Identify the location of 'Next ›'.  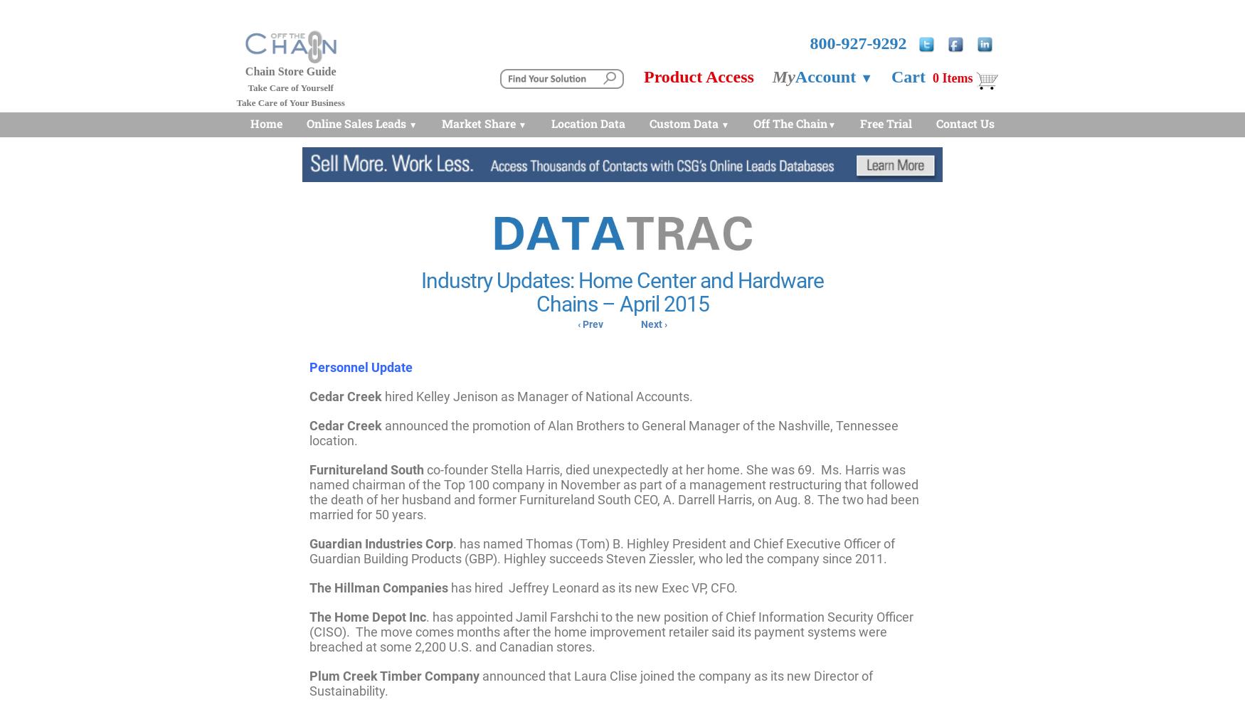
(653, 323).